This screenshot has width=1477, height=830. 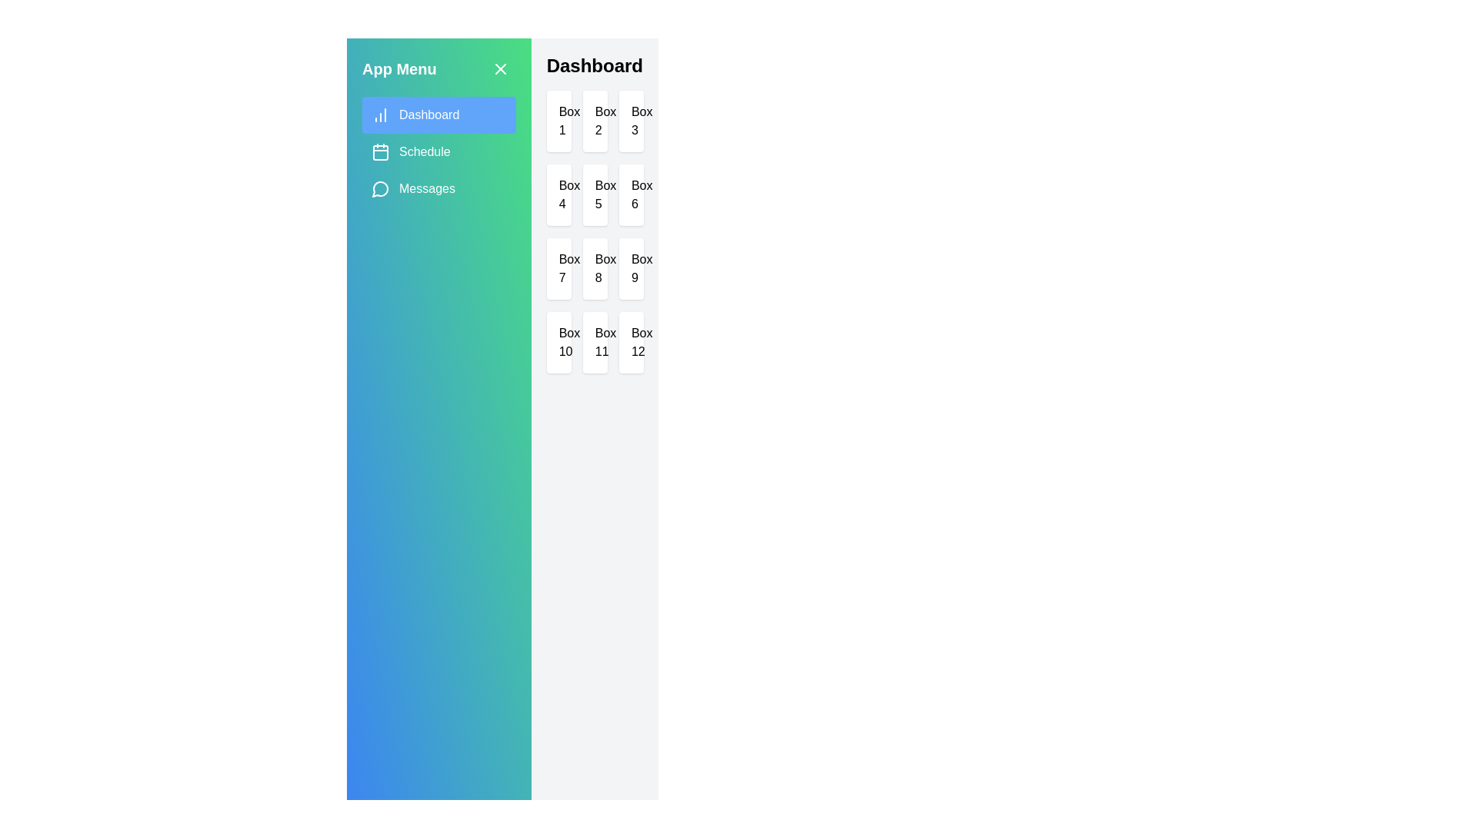 I want to click on the Messages tab to view its content, so click(x=438, y=188).